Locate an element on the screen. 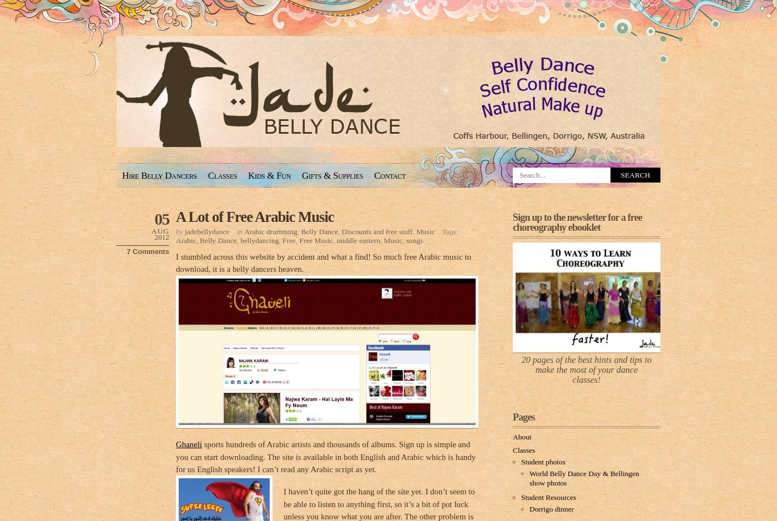 The image size is (777, 521). 'Free' is located at coordinates (289, 239).